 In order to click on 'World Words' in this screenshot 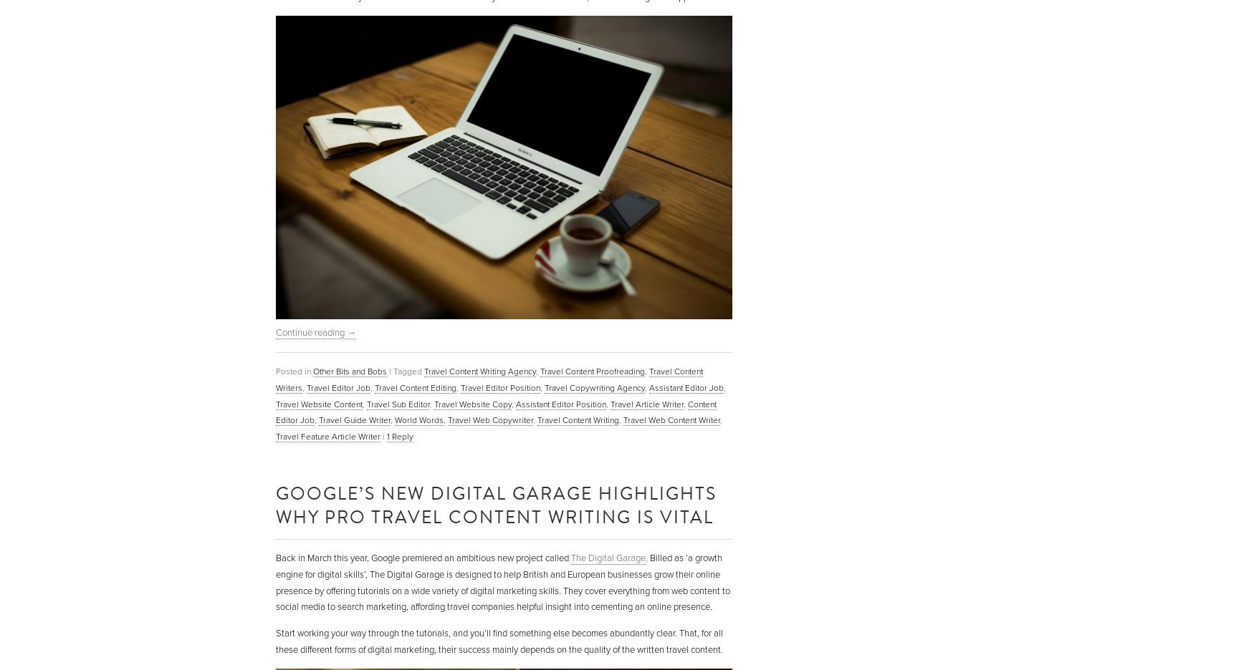, I will do `click(419, 419)`.